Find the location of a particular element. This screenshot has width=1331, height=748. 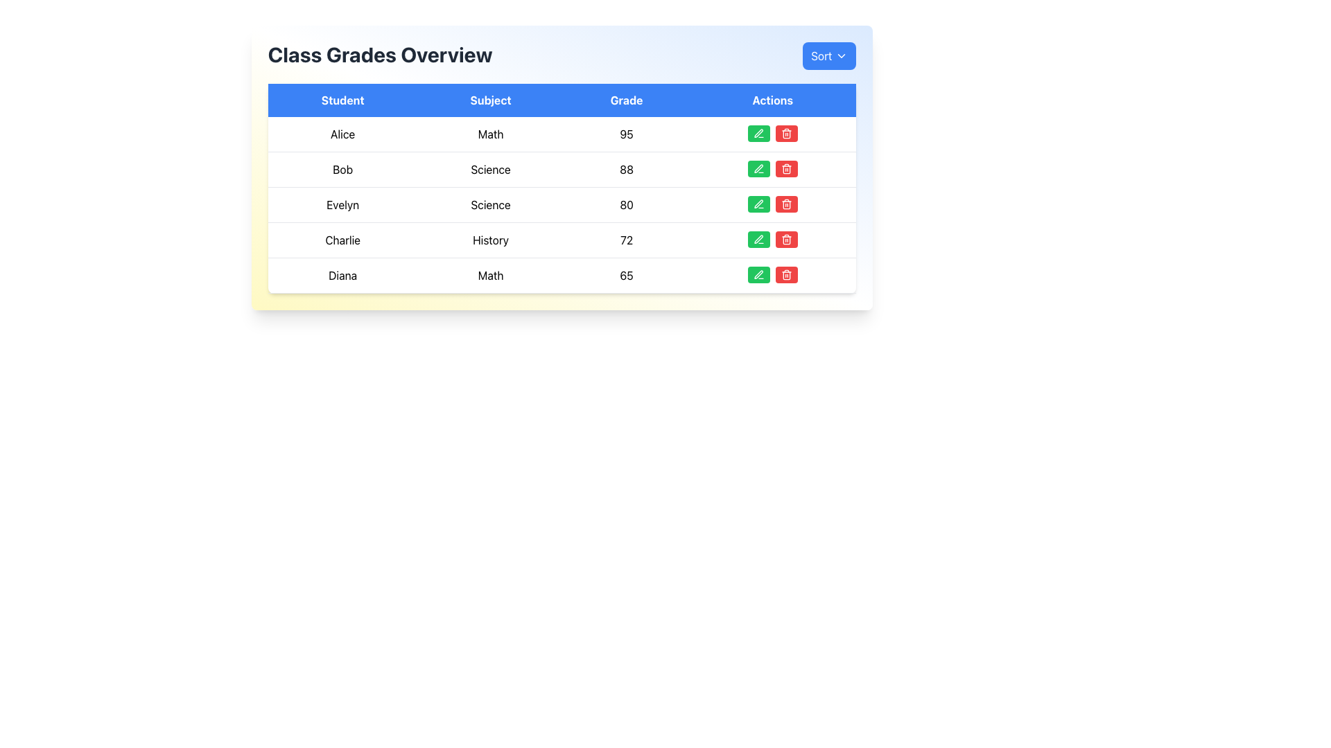

the trash can icon with a red background in the 'Actions' column of the table is located at coordinates (786, 239).